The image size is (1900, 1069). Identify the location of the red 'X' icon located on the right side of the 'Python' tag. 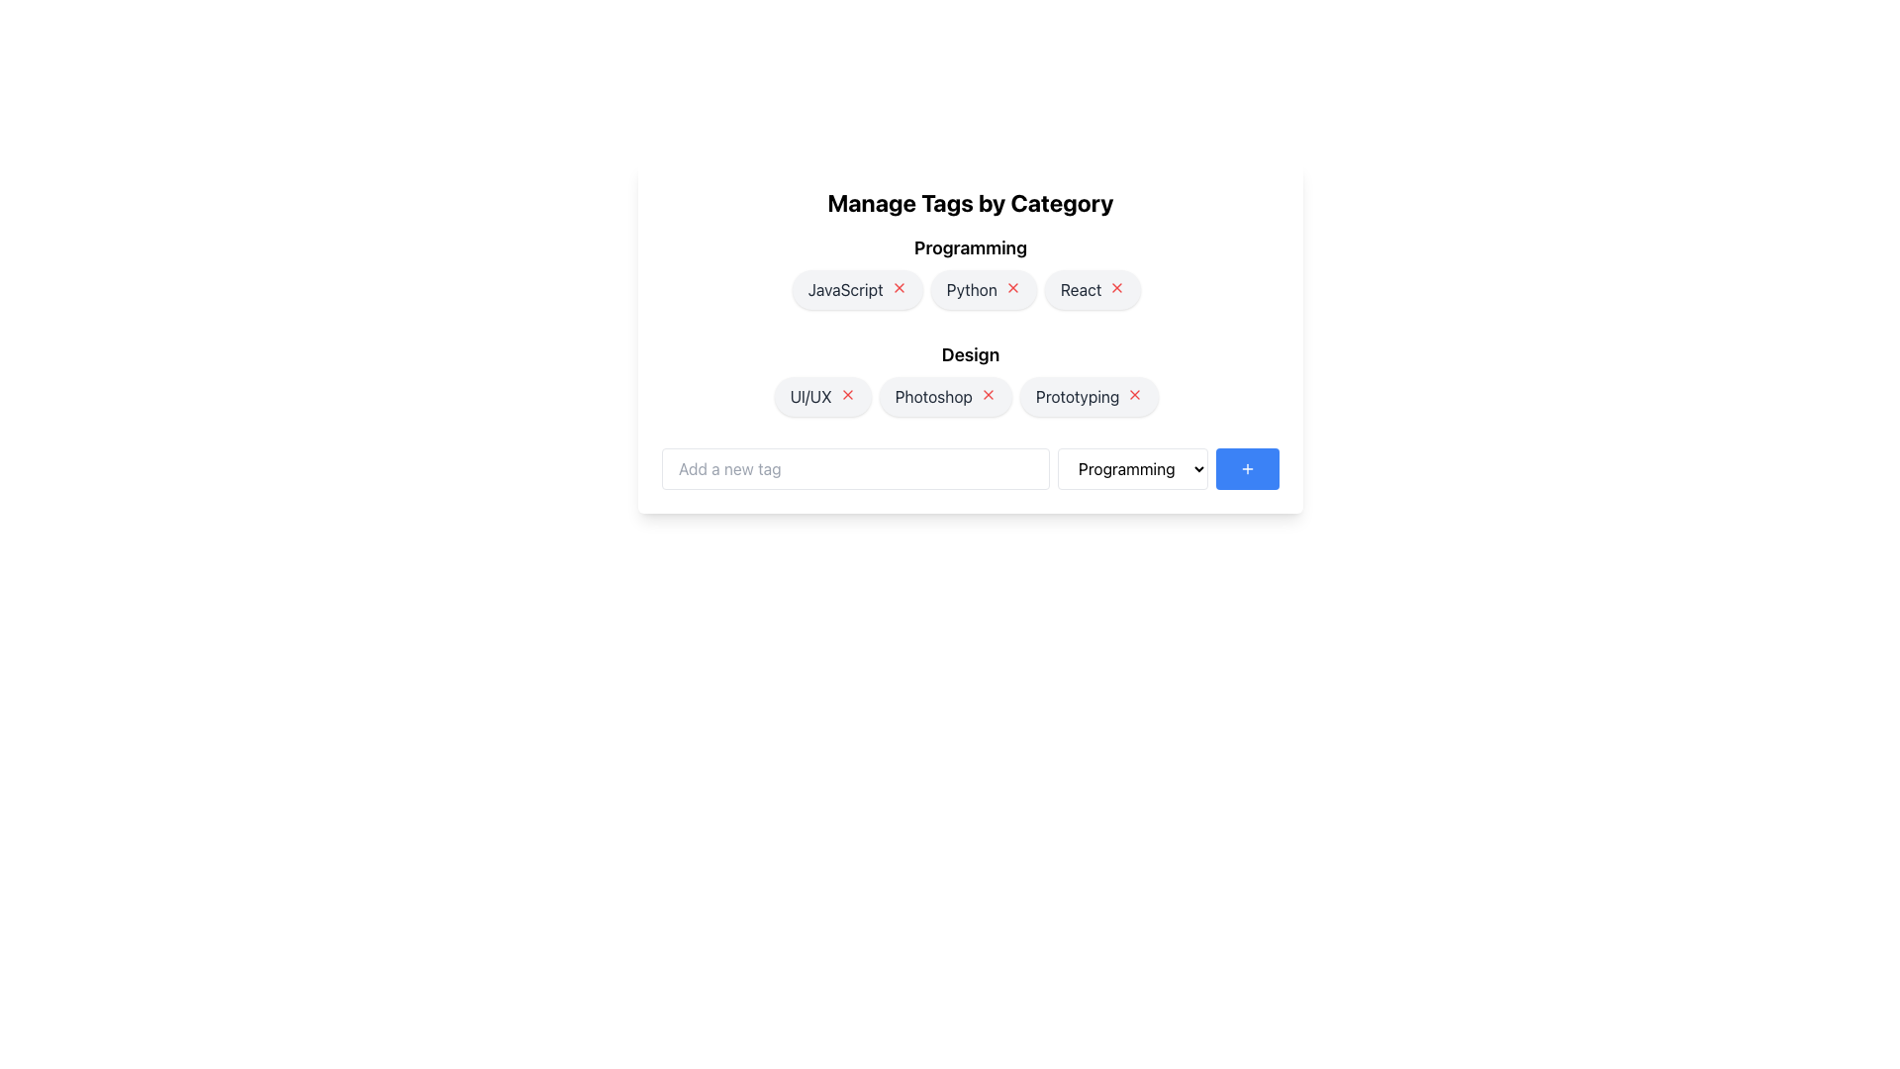
(1012, 287).